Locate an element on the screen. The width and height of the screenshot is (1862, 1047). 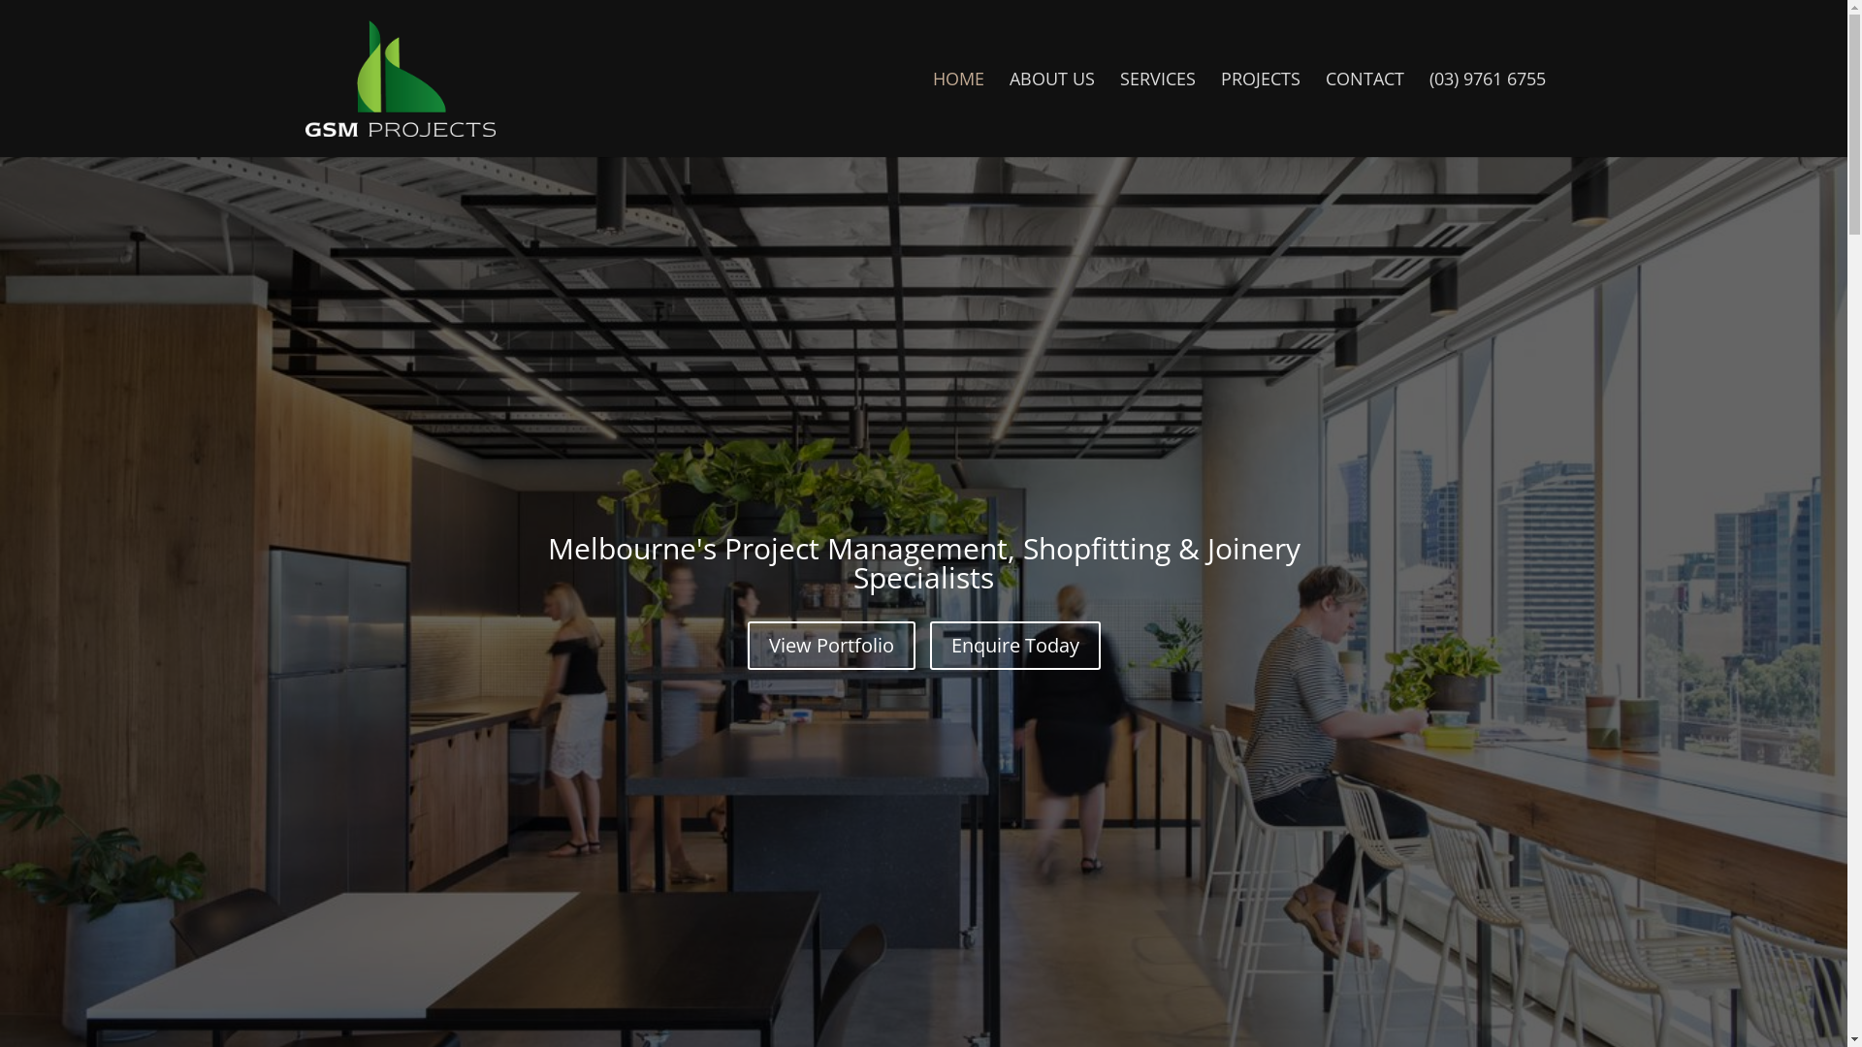
'ABOUT US' is located at coordinates (1050, 114).